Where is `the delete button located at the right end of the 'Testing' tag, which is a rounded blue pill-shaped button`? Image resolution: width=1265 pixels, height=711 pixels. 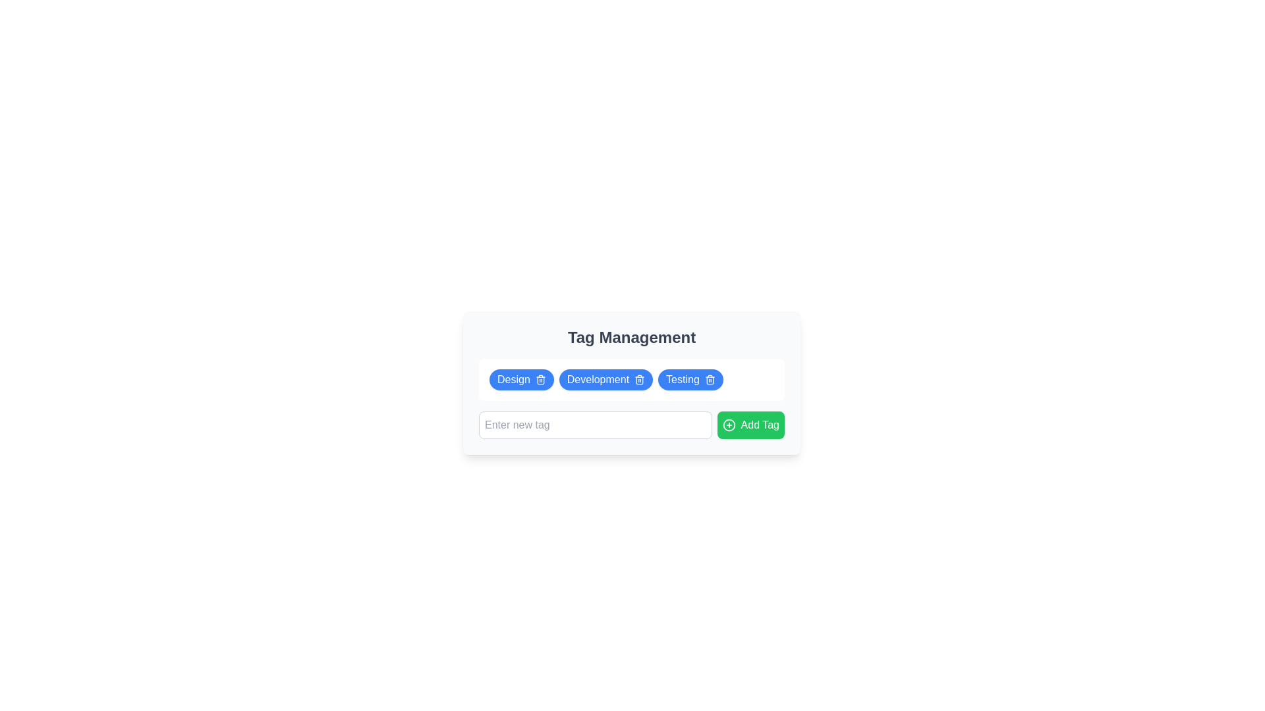 the delete button located at the right end of the 'Testing' tag, which is a rounded blue pill-shaped button is located at coordinates (709, 380).